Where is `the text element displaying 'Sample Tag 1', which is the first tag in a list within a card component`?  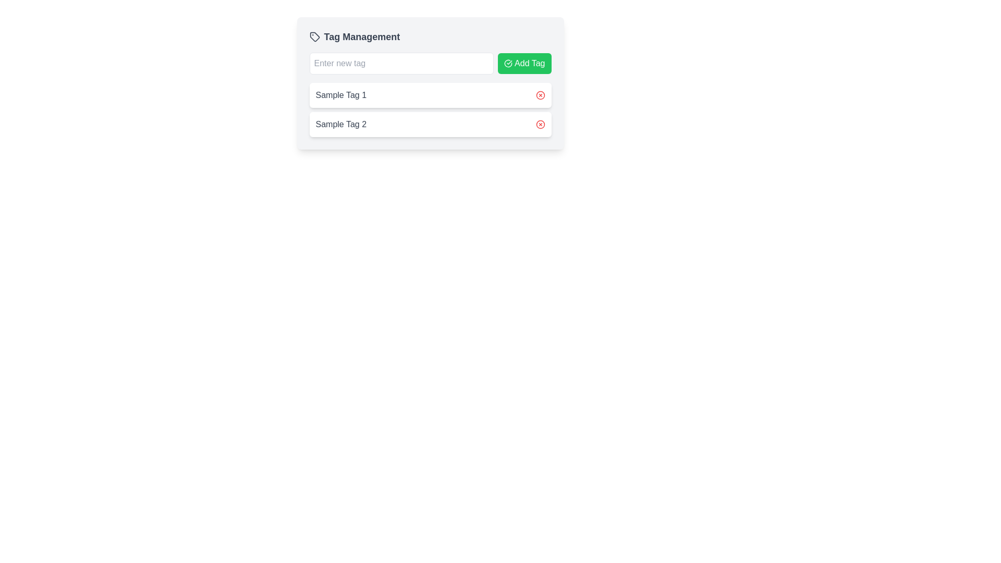 the text element displaying 'Sample Tag 1', which is the first tag in a list within a card component is located at coordinates (341, 95).